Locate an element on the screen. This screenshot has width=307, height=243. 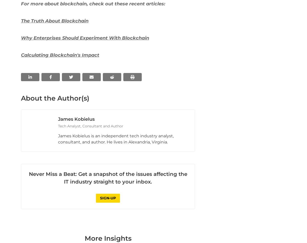
'challenges associated with the current state of blockchain technology.' is located at coordinates (102, 38).